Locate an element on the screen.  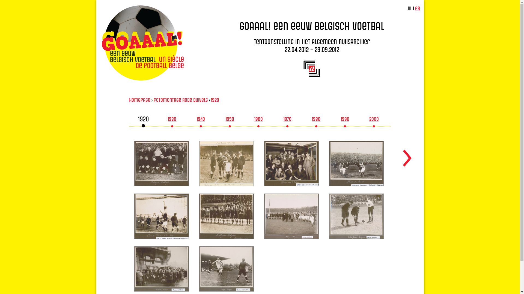
'1960' is located at coordinates (258, 120).